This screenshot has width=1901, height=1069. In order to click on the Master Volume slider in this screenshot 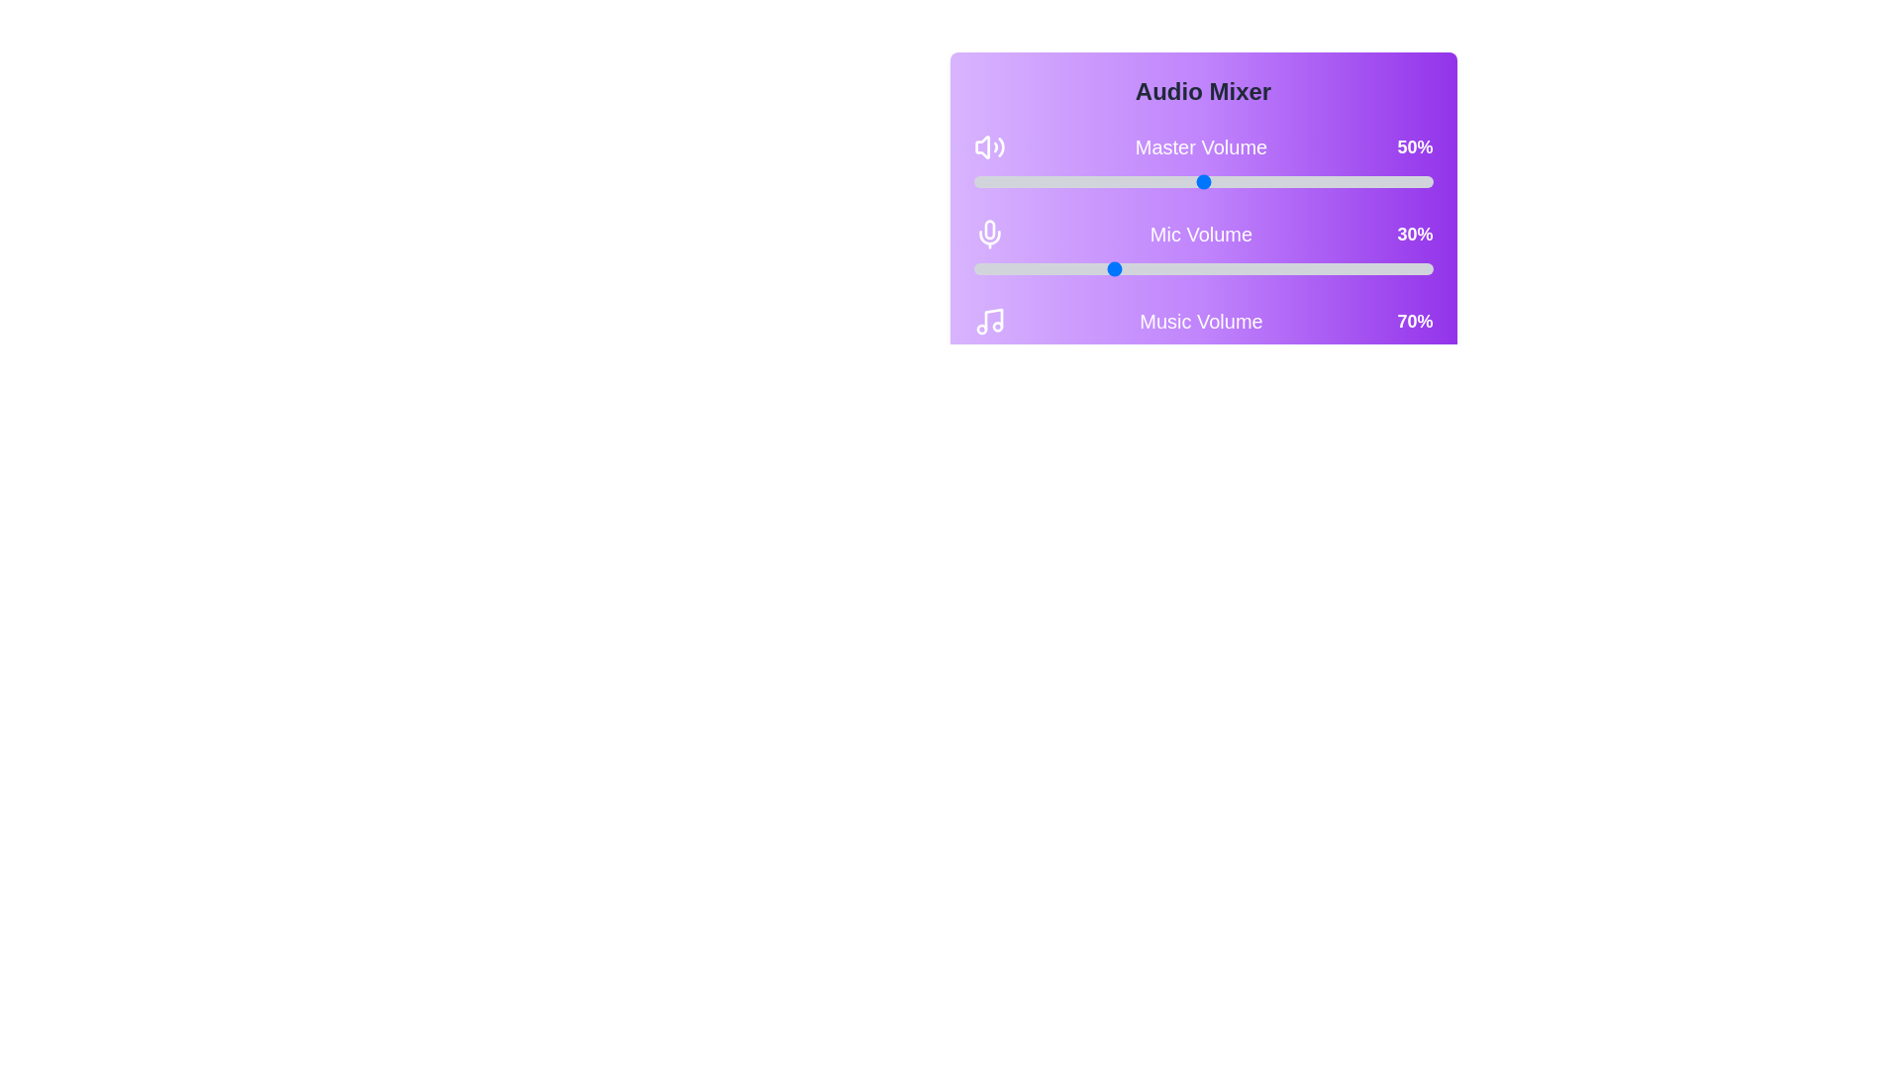, I will do `click(1390, 182)`.